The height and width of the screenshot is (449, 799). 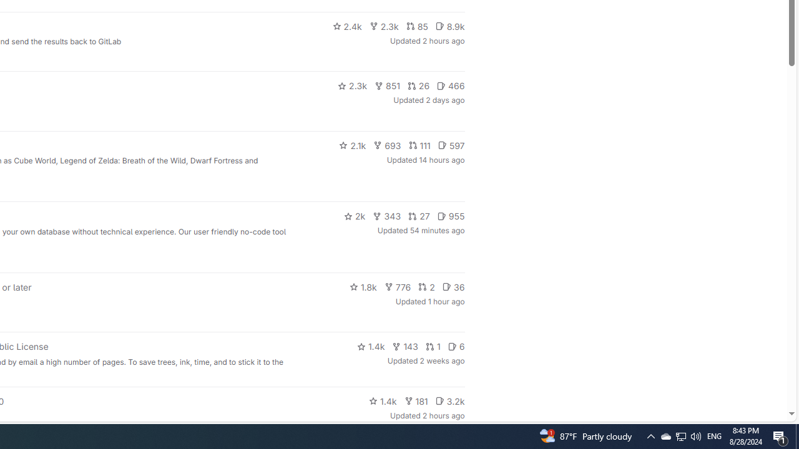 I want to click on '851', so click(x=386, y=85).